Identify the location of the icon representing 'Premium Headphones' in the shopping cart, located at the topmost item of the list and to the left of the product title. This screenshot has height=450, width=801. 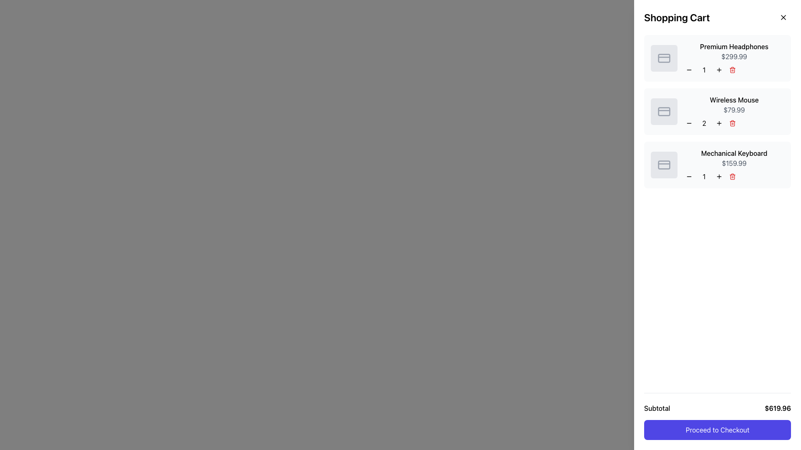
(664, 57).